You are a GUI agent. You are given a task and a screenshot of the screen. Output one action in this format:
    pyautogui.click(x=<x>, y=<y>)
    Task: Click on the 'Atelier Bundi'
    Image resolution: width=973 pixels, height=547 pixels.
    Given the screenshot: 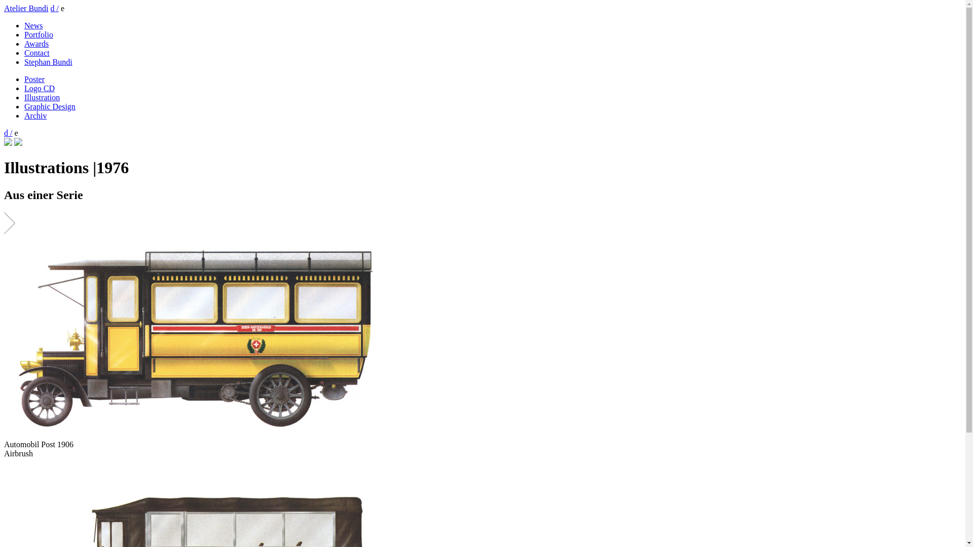 What is the action you would take?
    pyautogui.click(x=4, y=8)
    